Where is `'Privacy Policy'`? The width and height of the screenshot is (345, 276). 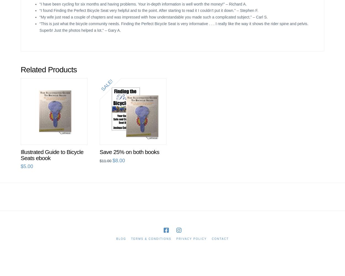 'Privacy Policy' is located at coordinates (191, 238).